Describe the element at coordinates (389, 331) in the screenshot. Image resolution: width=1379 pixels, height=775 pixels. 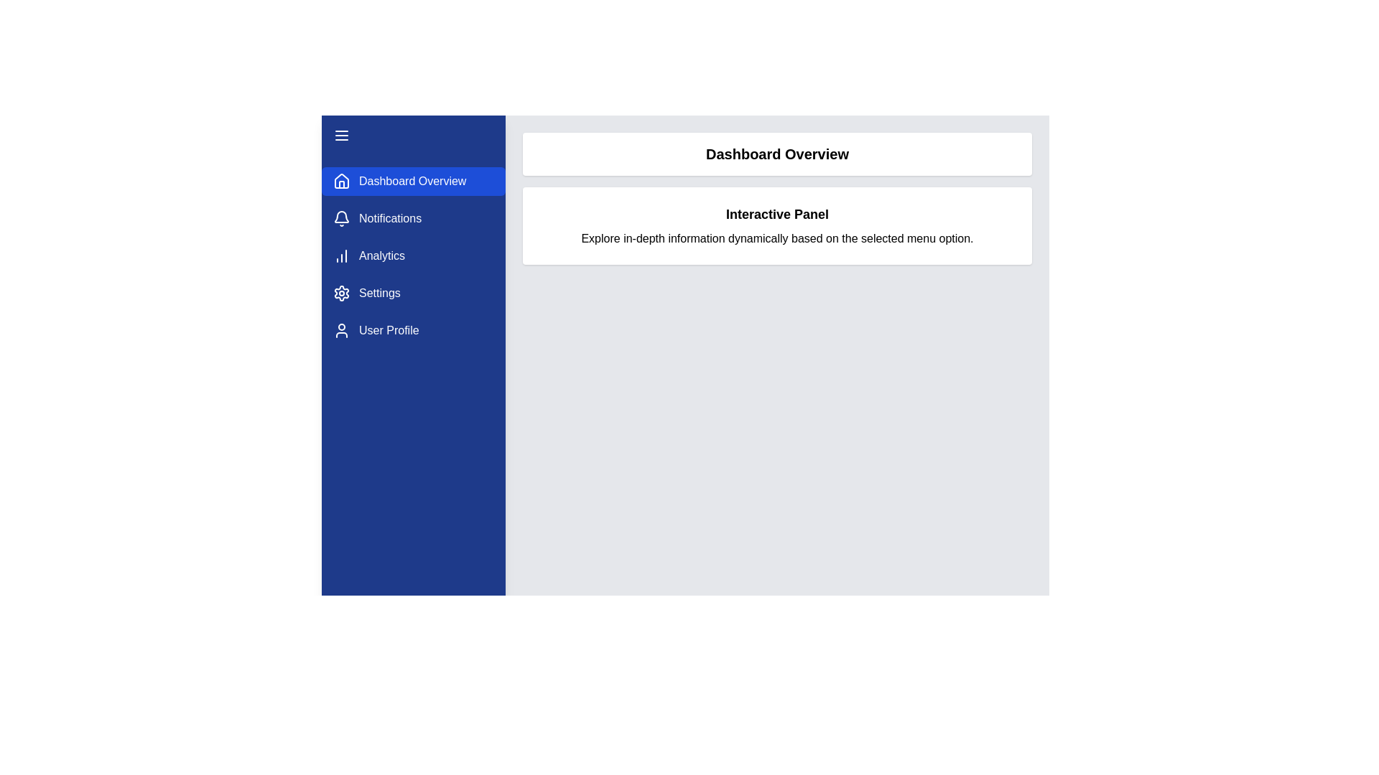
I see `text from the 'User Profile' label located at the bottom of the vertical navigation menu, adjacent to the user icon` at that location.